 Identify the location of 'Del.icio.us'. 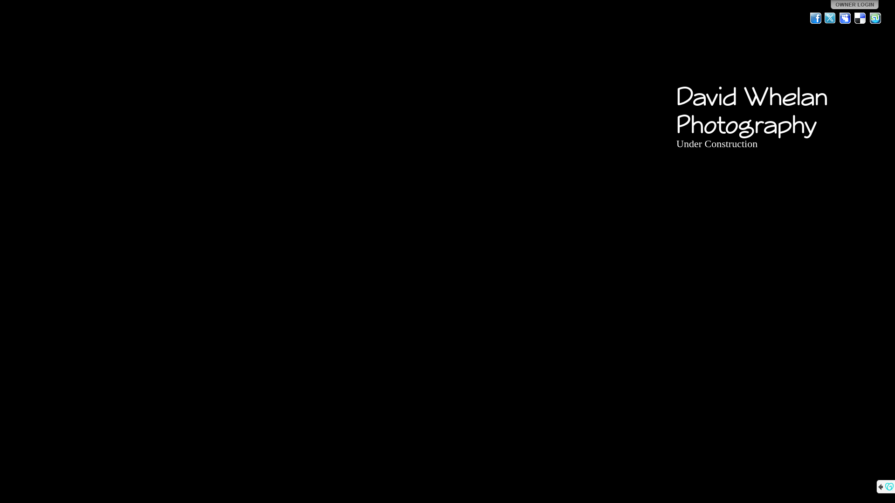
(860, 18).